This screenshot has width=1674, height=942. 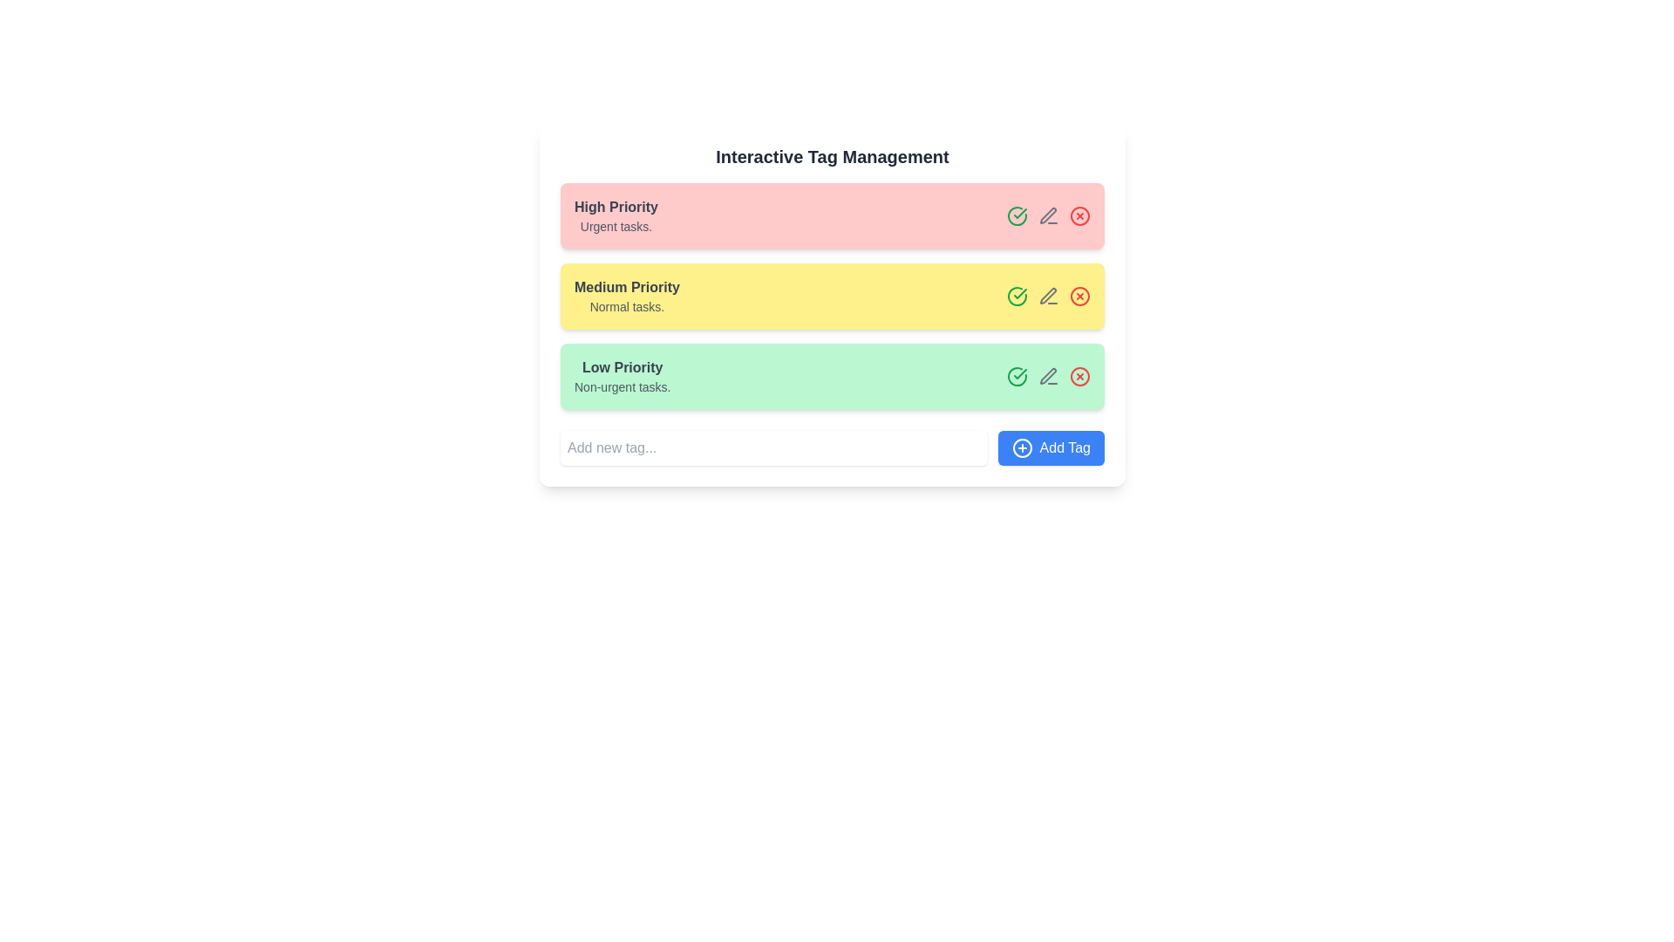 What do you see at coordinates (616, 215) in the screenshot?
I see `the 'High Priority' text label, which is a two-line label with 'High Priority' in bold and 'Urgent tasks.' below it, located within a red rectangular background at the top of the task categories list` at bounding box center [616, 215].